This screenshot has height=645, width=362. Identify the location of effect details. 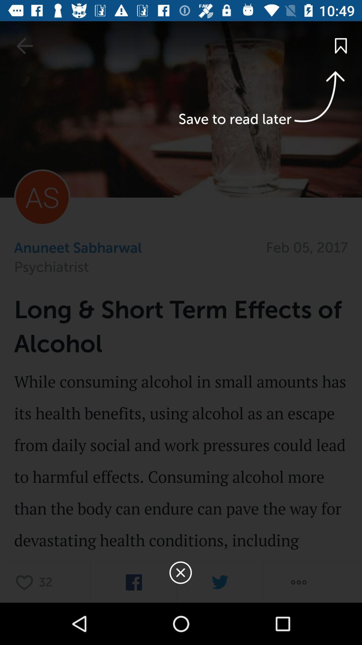
(181, 484).